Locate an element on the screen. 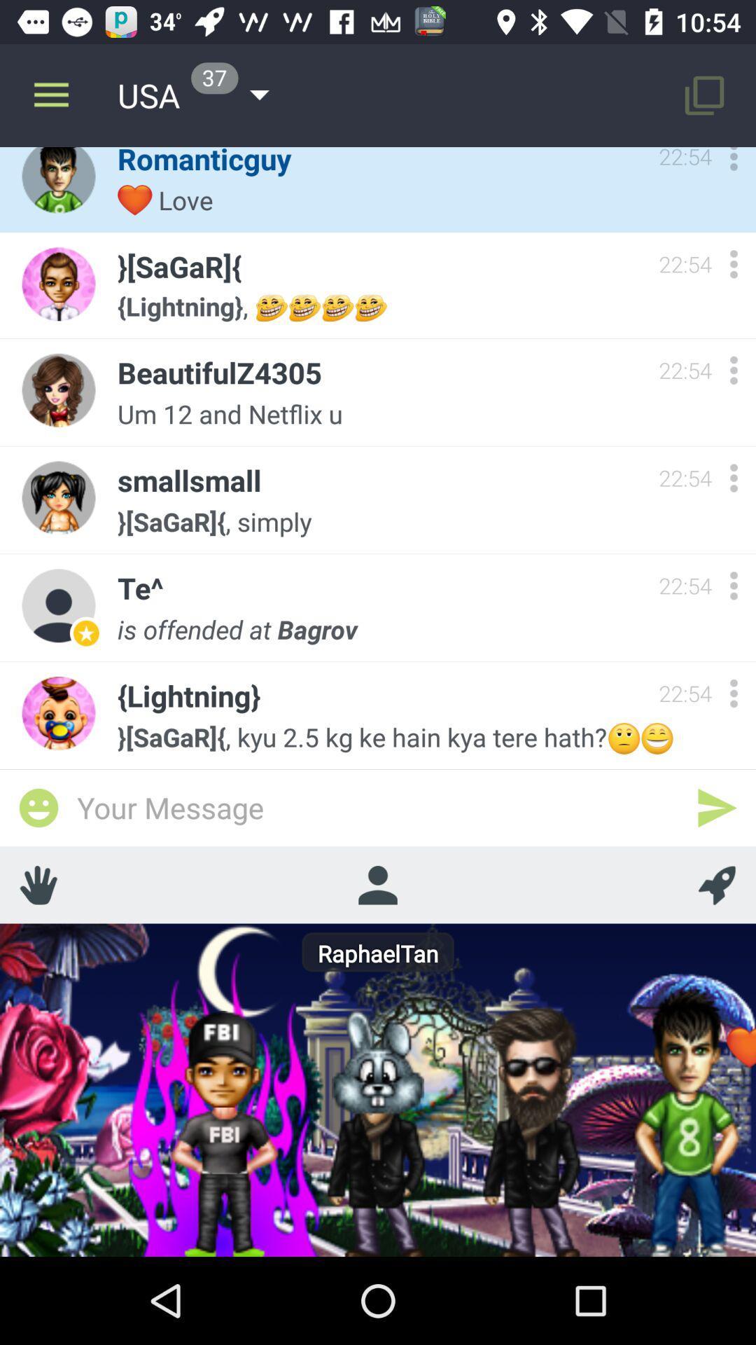  more options is located at coordinates (733, 693).